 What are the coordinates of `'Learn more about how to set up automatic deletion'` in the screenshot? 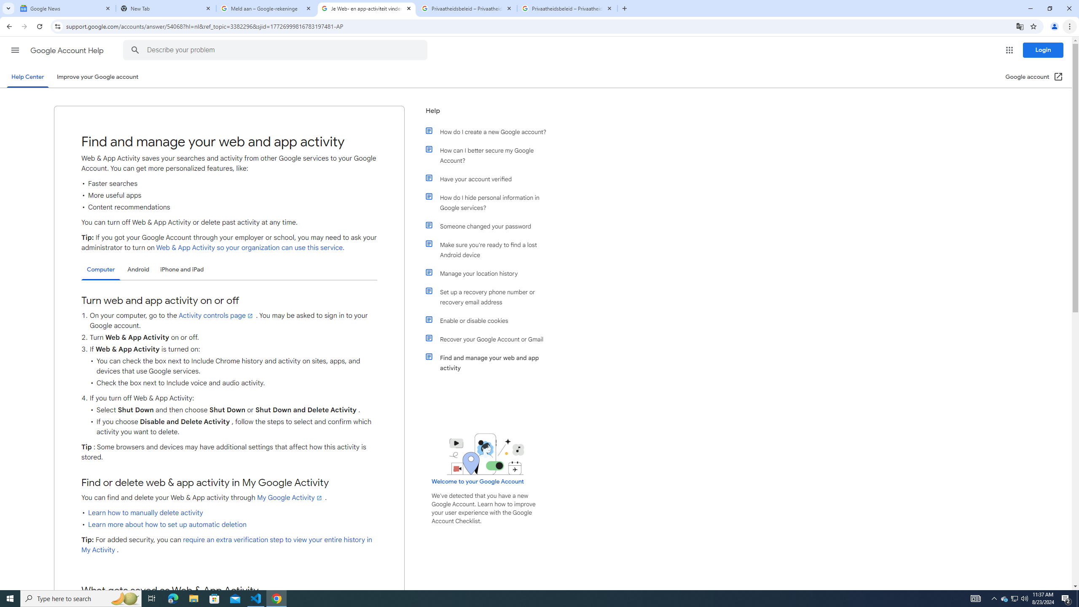 It's located at (168, 524).